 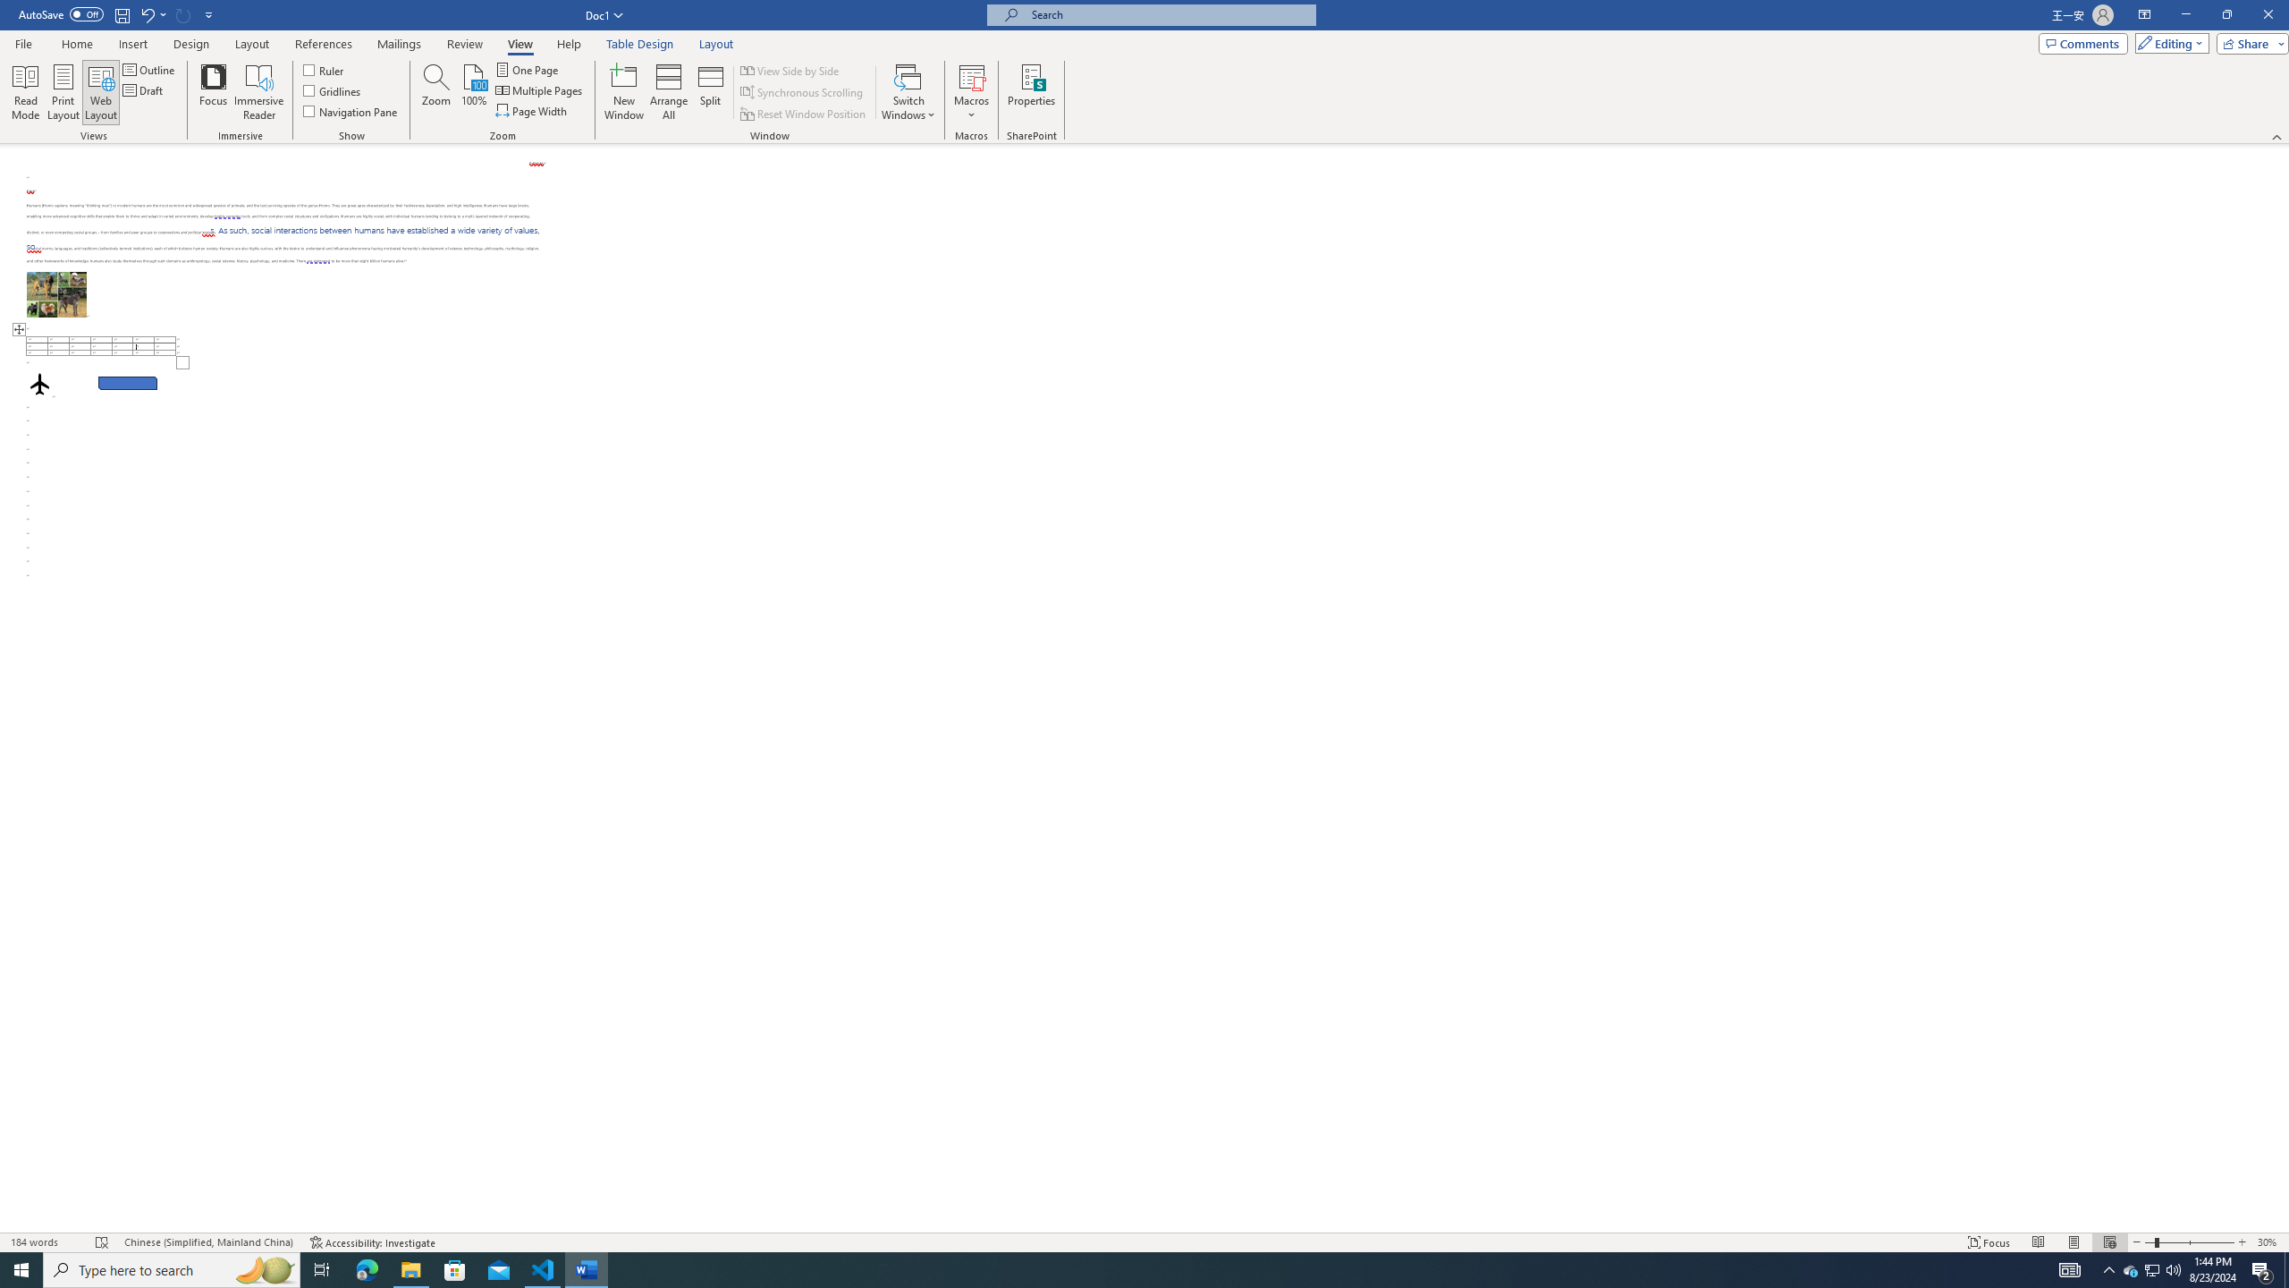 What do you see at coordinates (715, 44) in the screenshot?
I see `'Layout'` at bounding box center [715, 44].